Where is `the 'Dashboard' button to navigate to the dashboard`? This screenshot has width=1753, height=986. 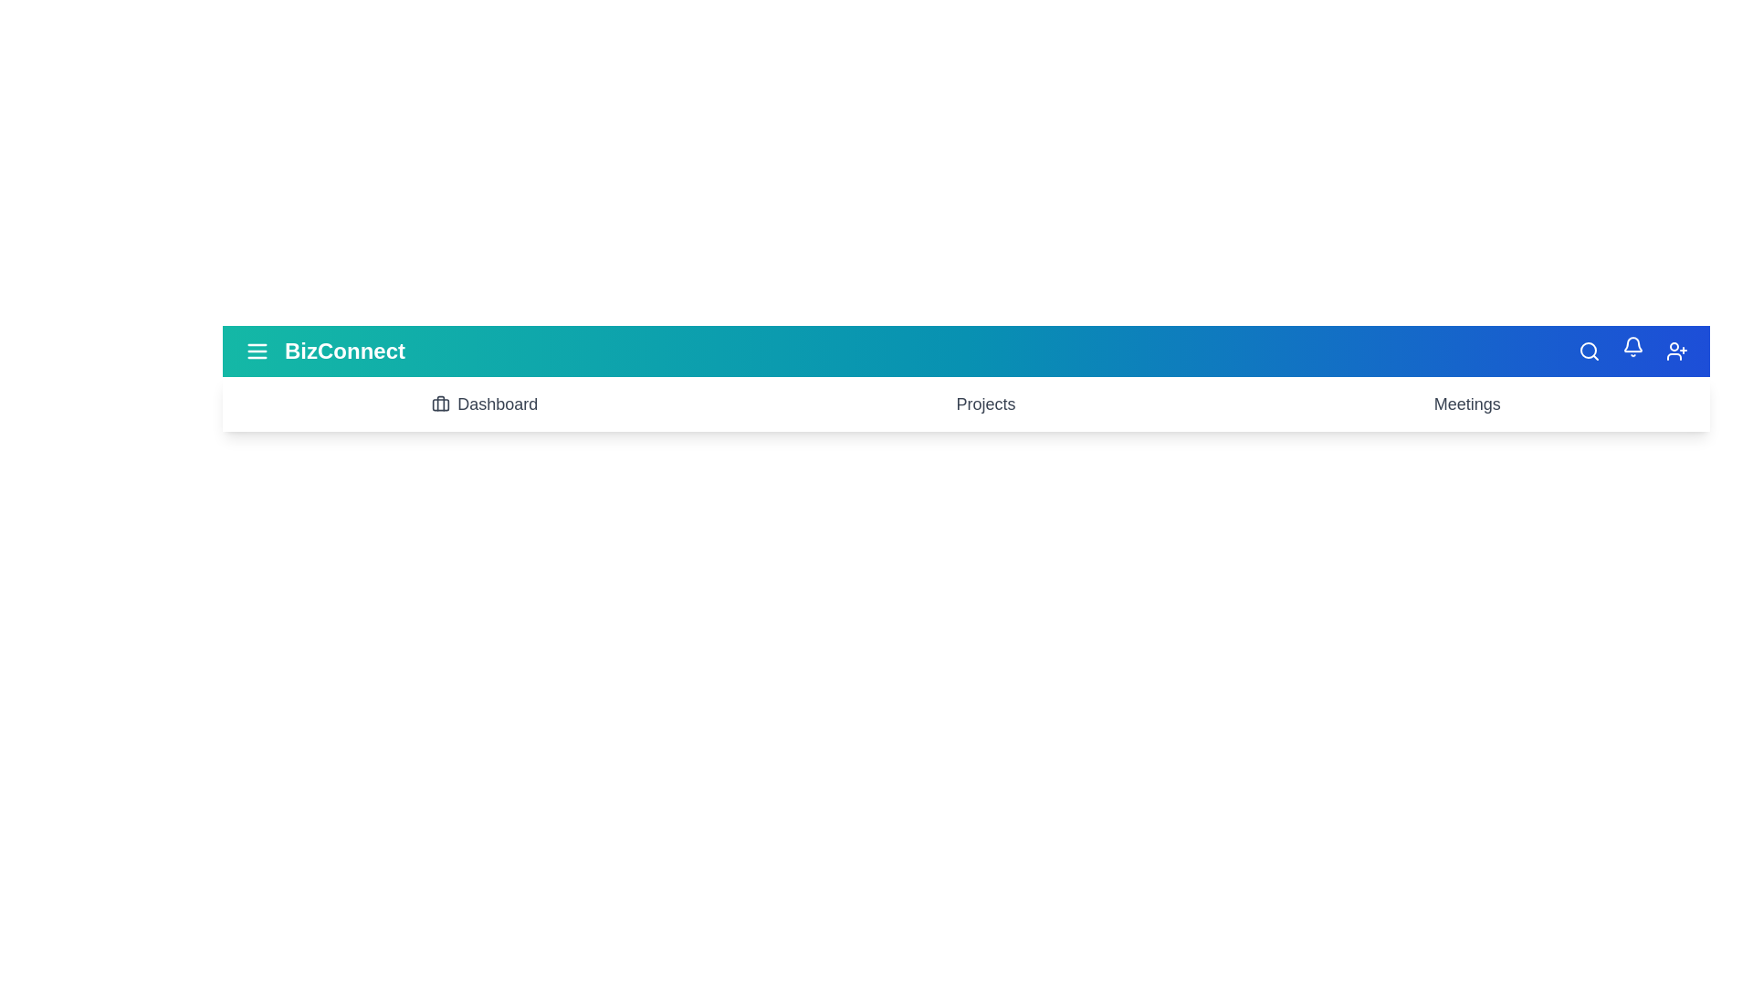 the 'Dashboard' button to navigate to the dashboard is located at coordinates (485, 404).